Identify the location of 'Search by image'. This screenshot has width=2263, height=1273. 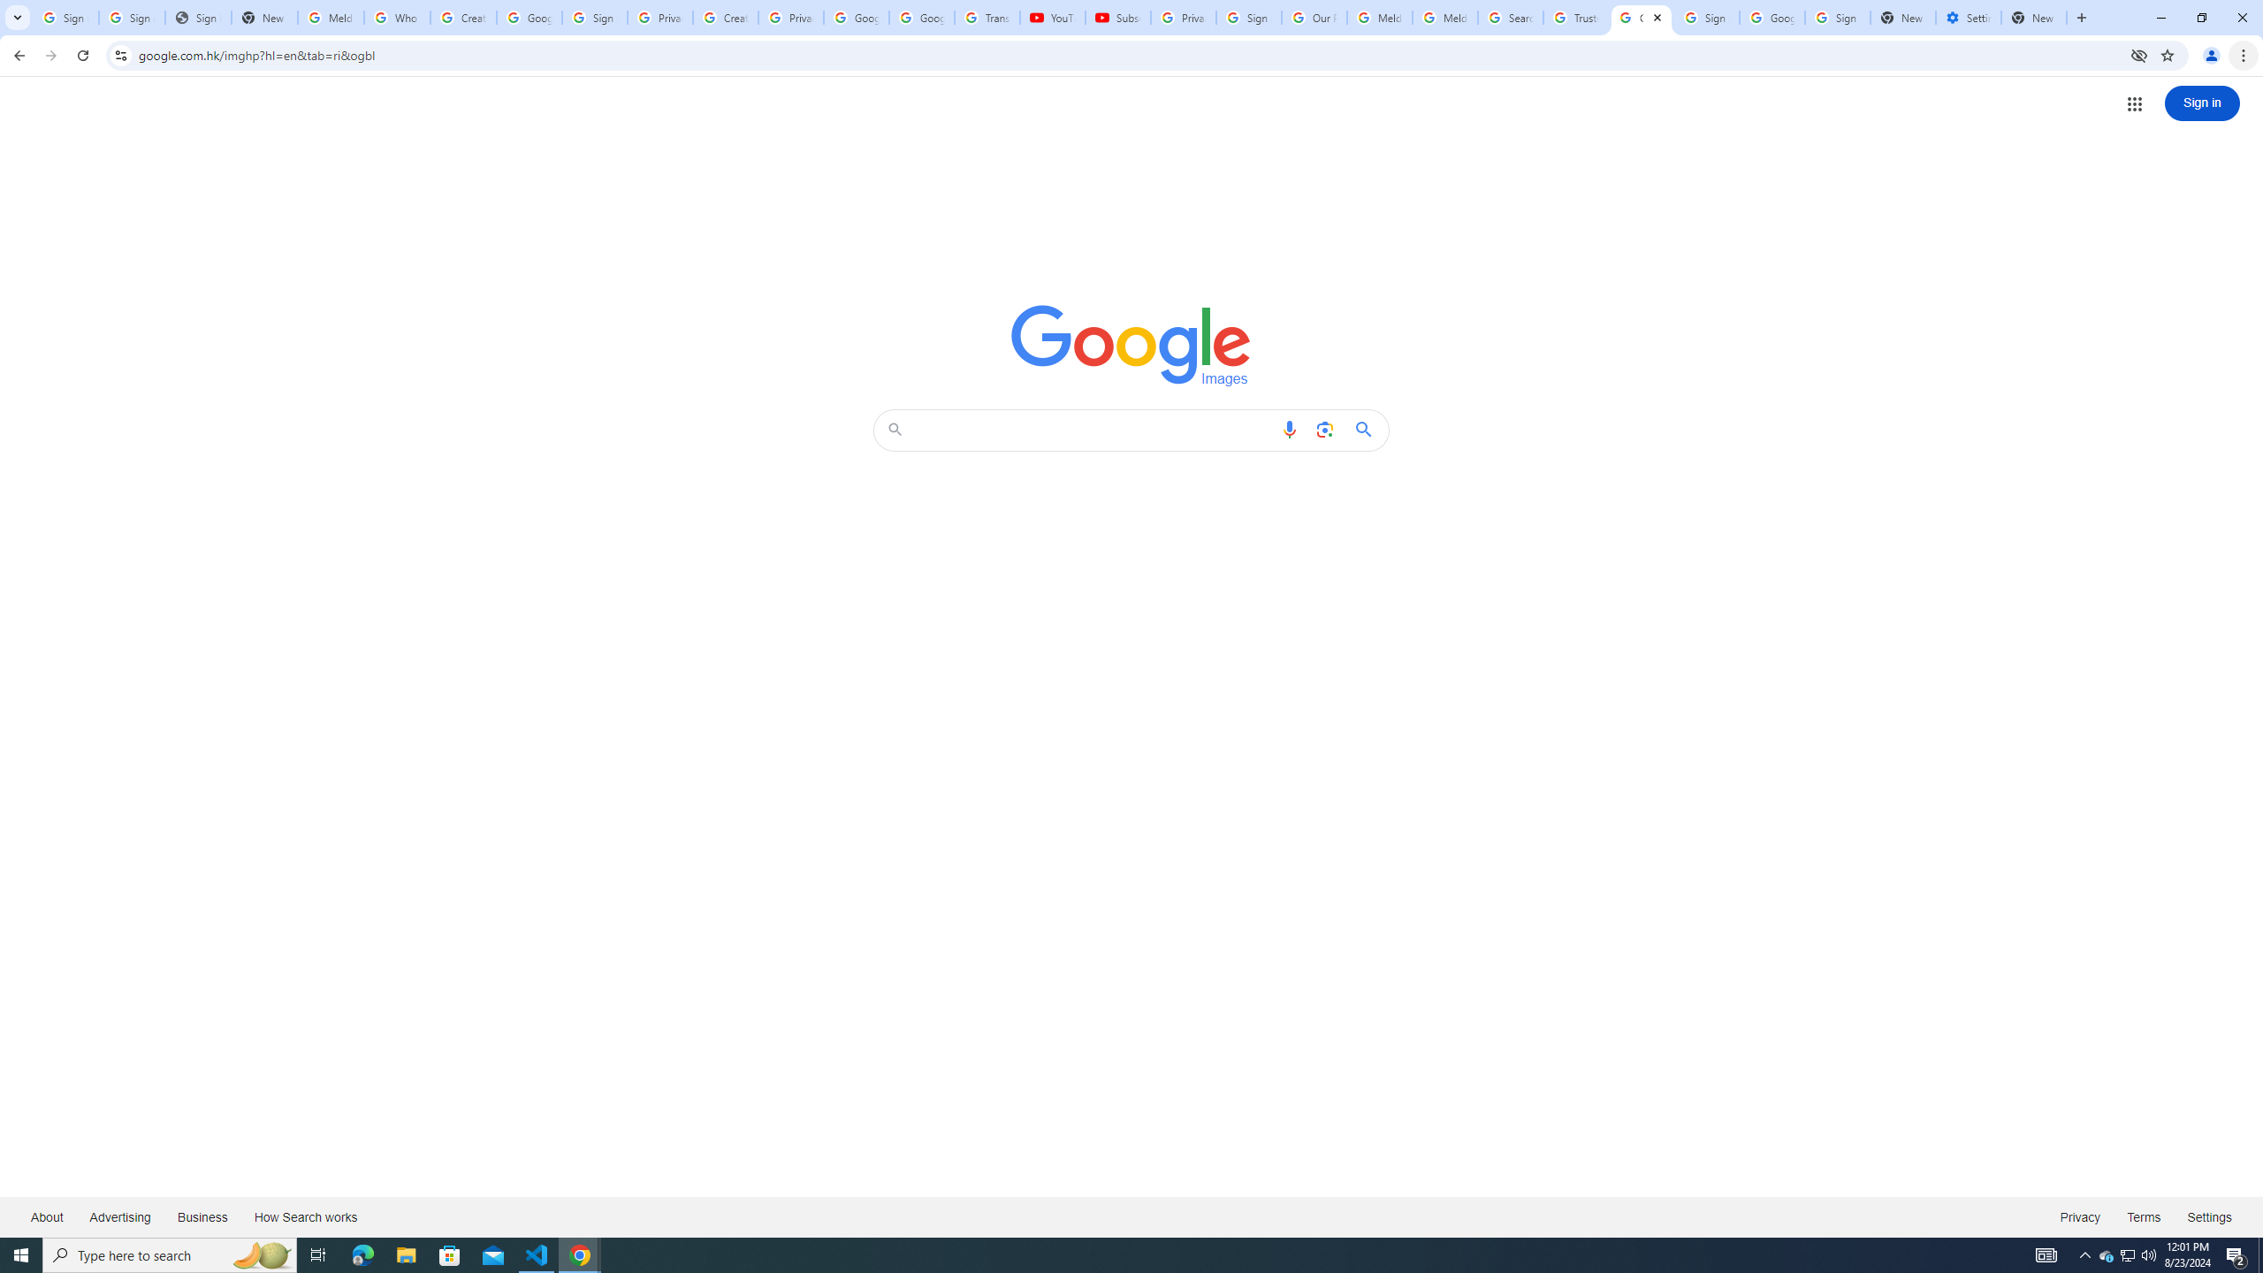
(1323, 430).